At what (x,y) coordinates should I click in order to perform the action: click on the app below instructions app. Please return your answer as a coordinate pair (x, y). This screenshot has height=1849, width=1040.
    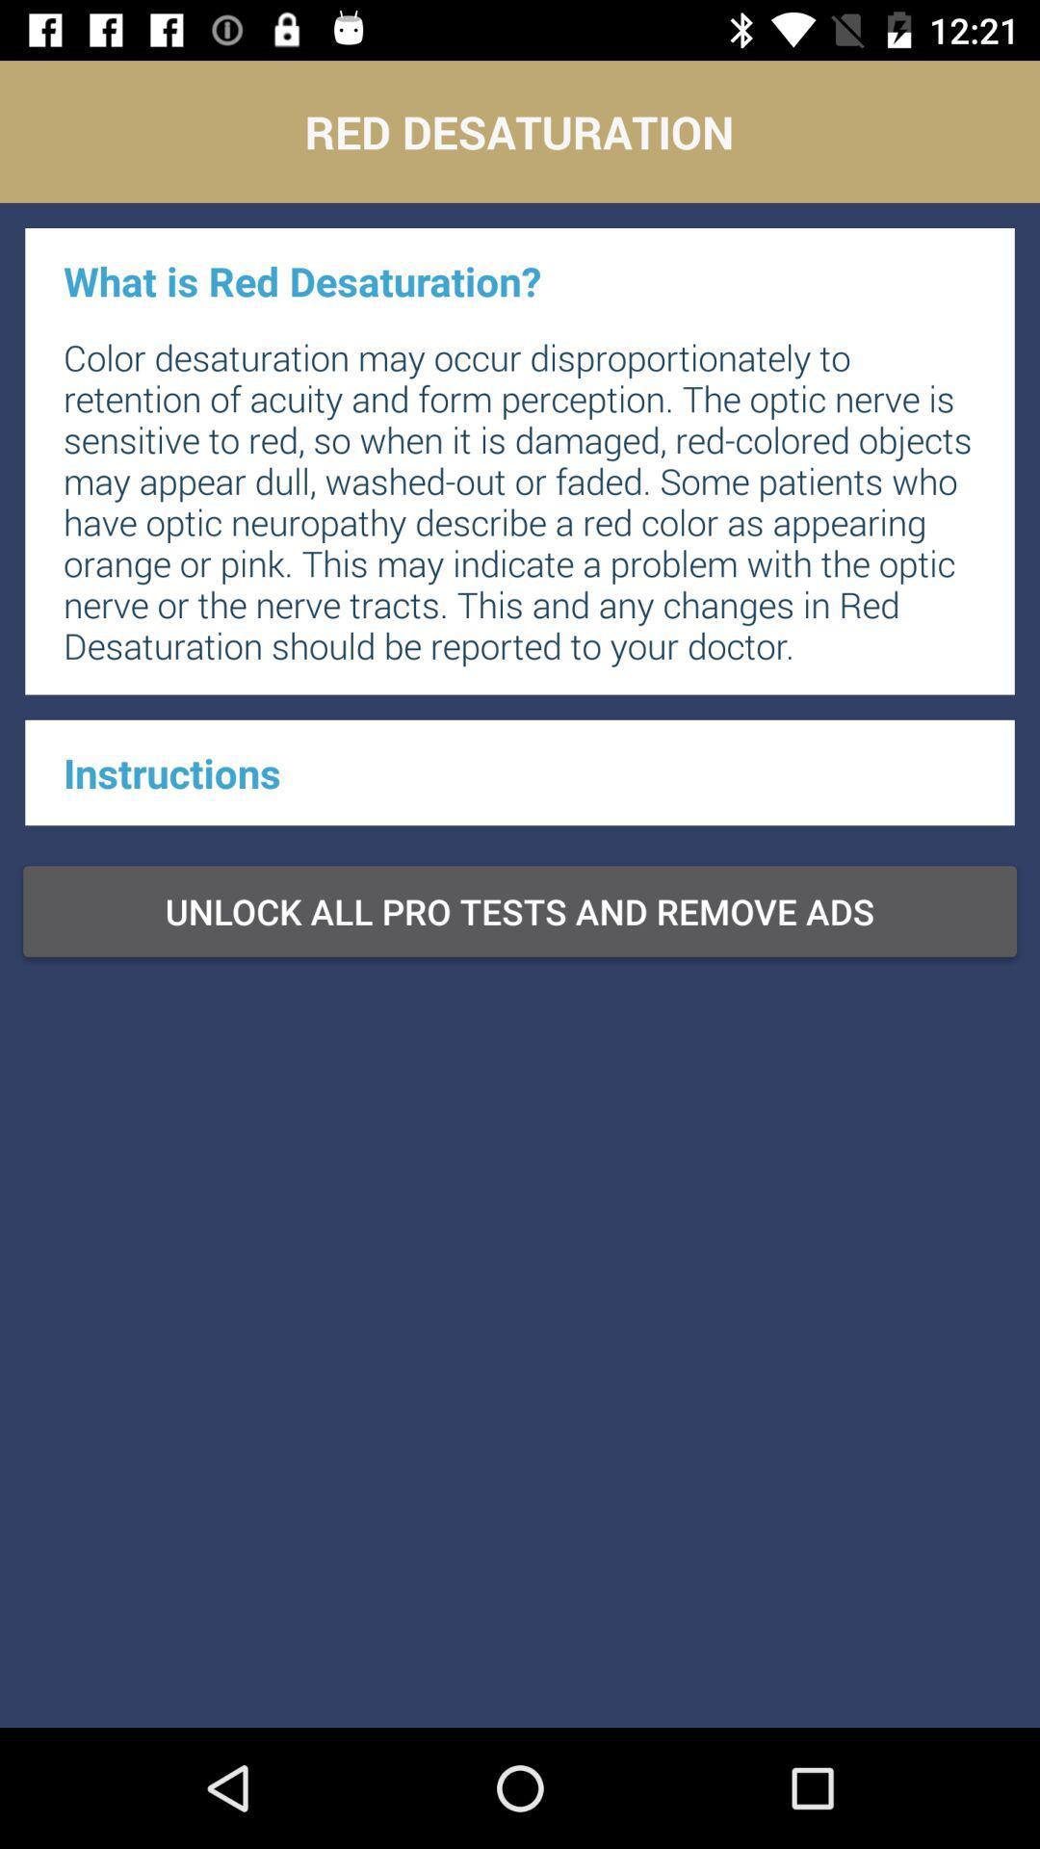
    Looking at the image, I should click on (520, 910).